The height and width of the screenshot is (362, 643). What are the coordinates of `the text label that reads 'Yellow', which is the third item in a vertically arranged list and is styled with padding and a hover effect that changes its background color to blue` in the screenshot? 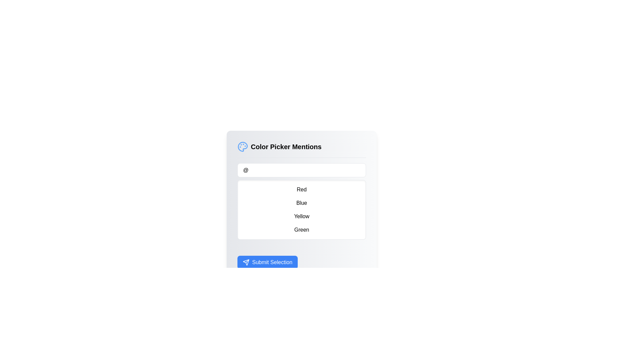 It's located at (301, 216).